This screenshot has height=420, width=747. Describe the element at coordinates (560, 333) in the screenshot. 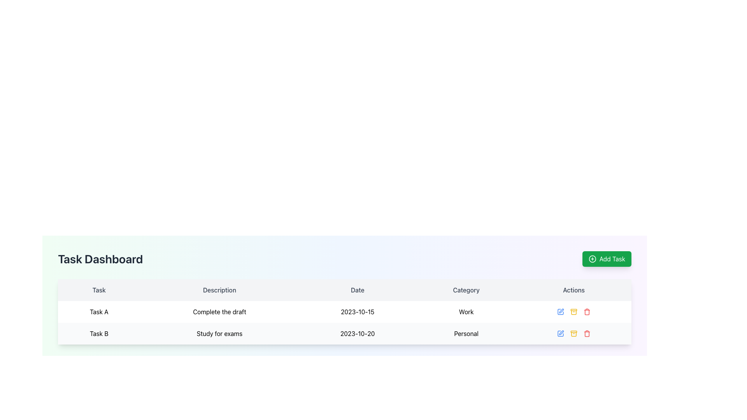

I see `the edit button icon located in the 'Actions' column of the second row for the task 'Study for exams' to change its color` at that location.